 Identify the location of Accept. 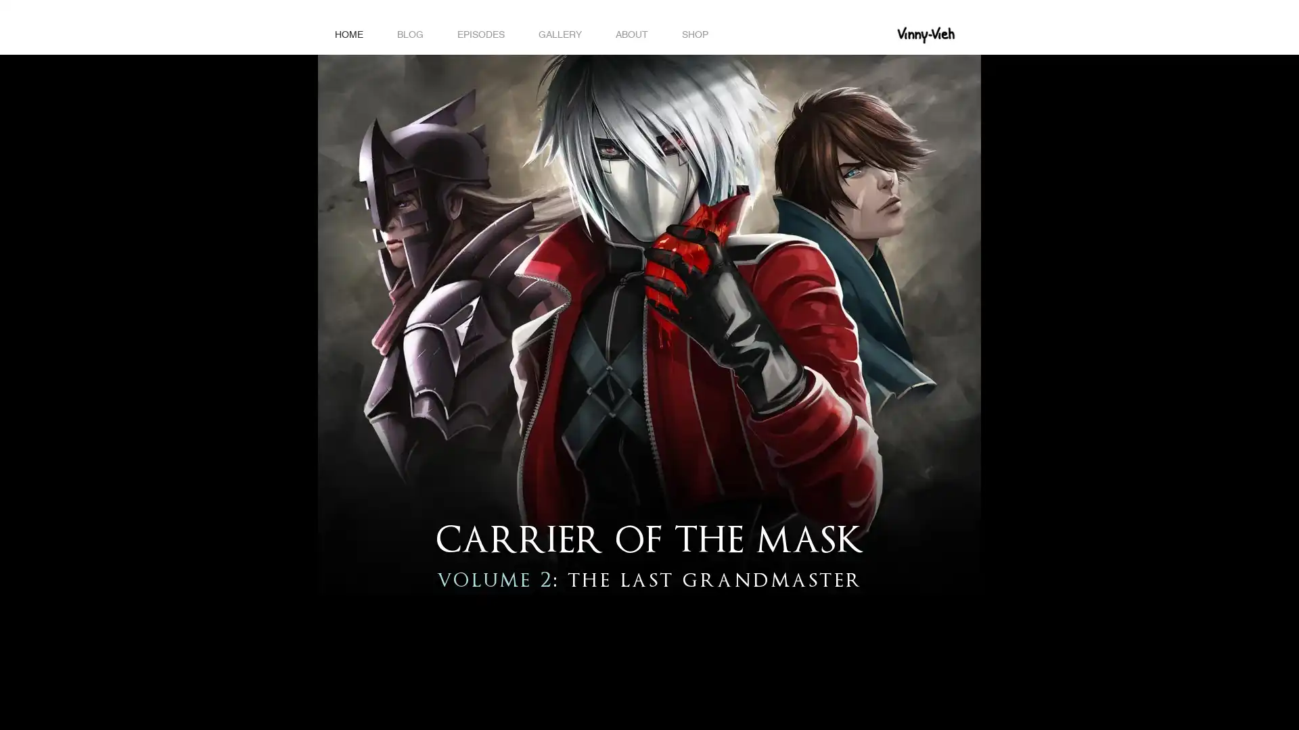
(1238, 708).